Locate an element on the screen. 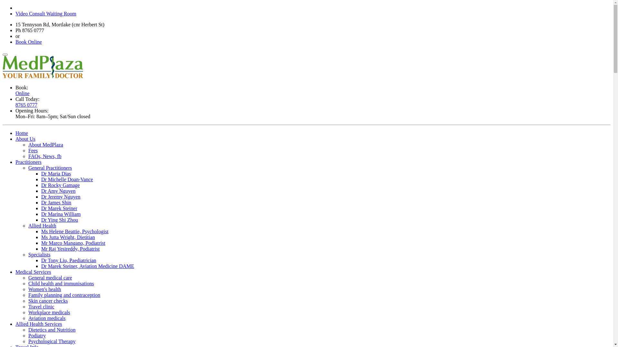 The image size is (618, 347). 'Workplace medicals' is located at coordinates (28, 312).